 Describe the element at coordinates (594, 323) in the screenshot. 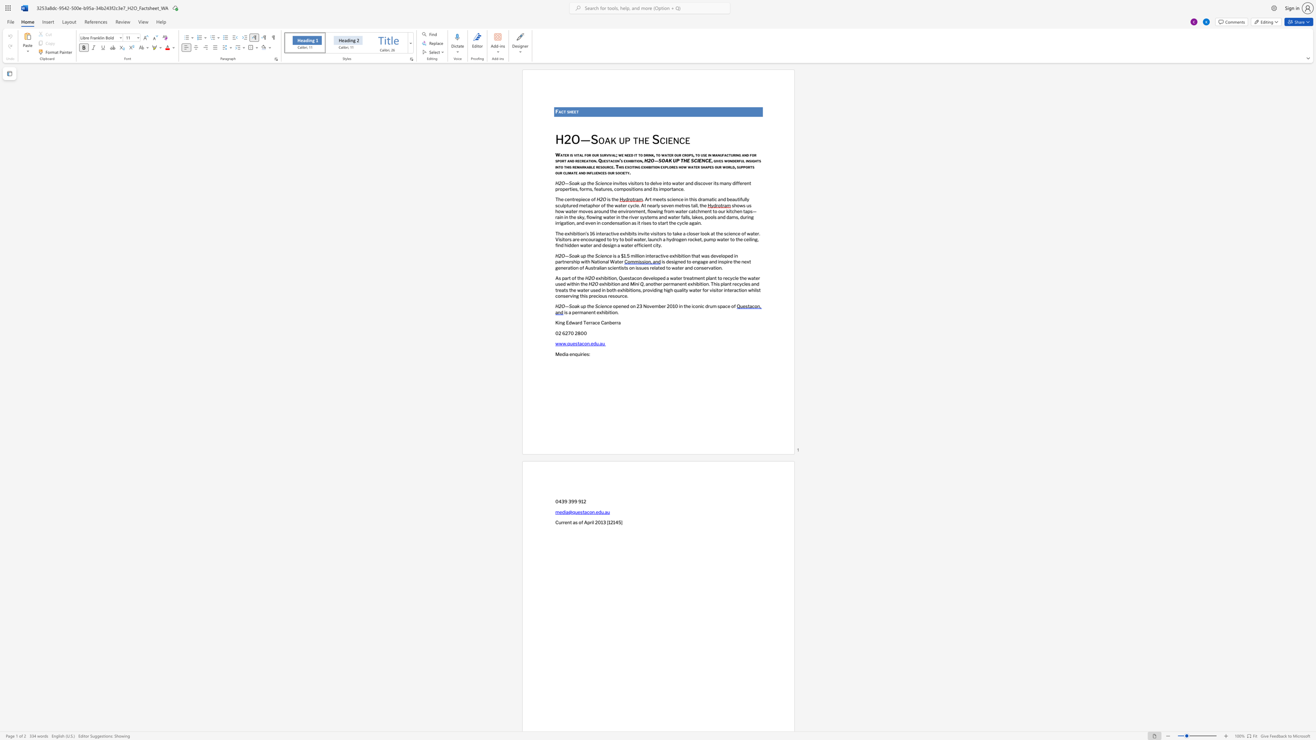

I see `the subset text "ce Canberr" within the text "King Edward Terrace Canberra"` at that location.